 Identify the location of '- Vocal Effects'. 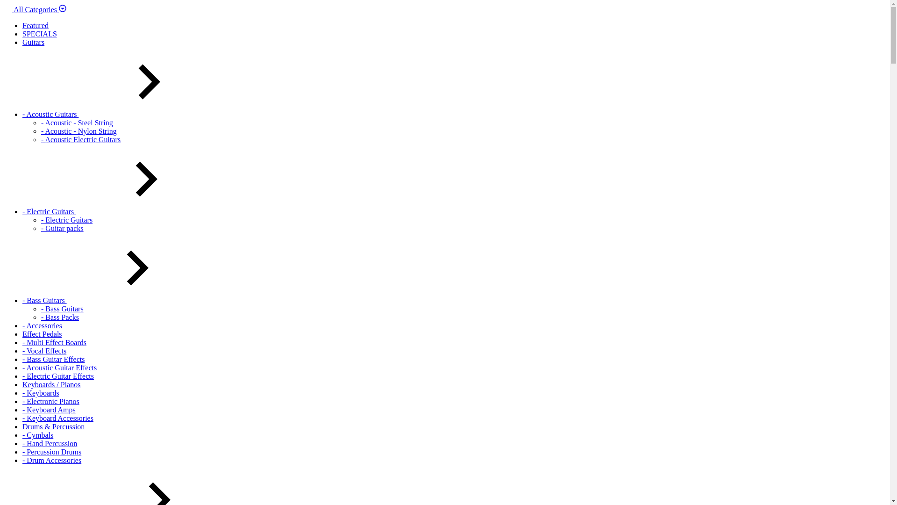
(44, 351).